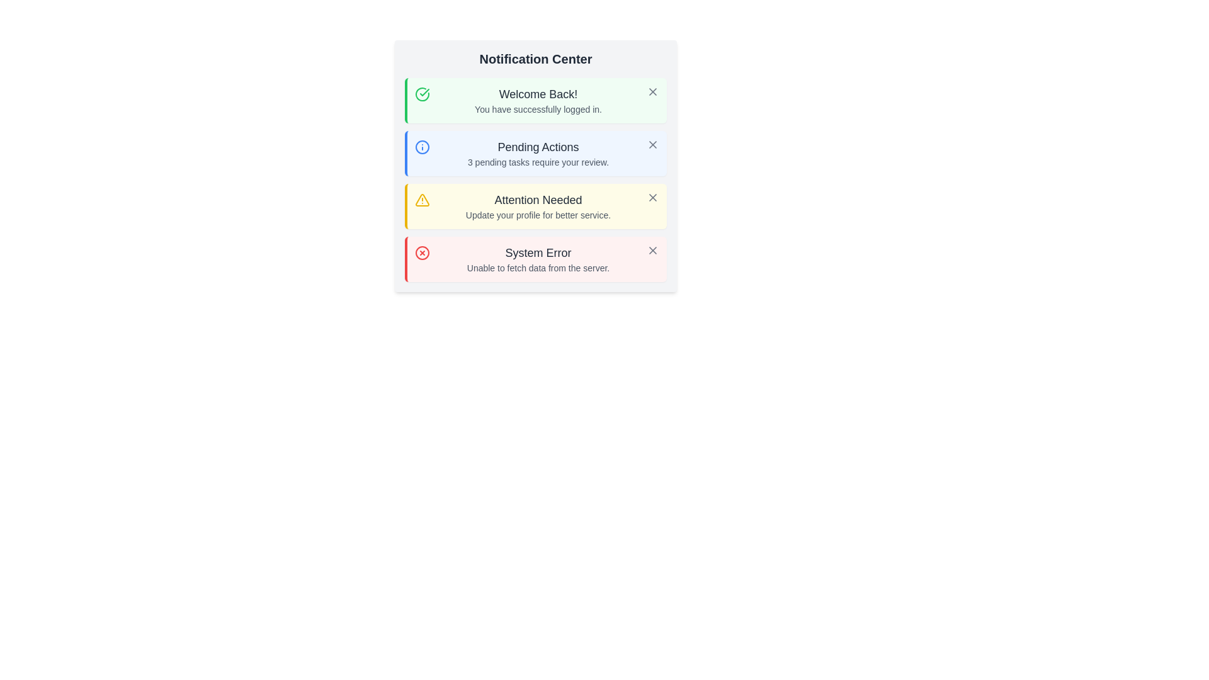 The width and height of the screenshot is (1209, 680). I want to click on the 'X' icon button located in the top-right corner of the 'Welcome Back!' notification, so click(652, 91).